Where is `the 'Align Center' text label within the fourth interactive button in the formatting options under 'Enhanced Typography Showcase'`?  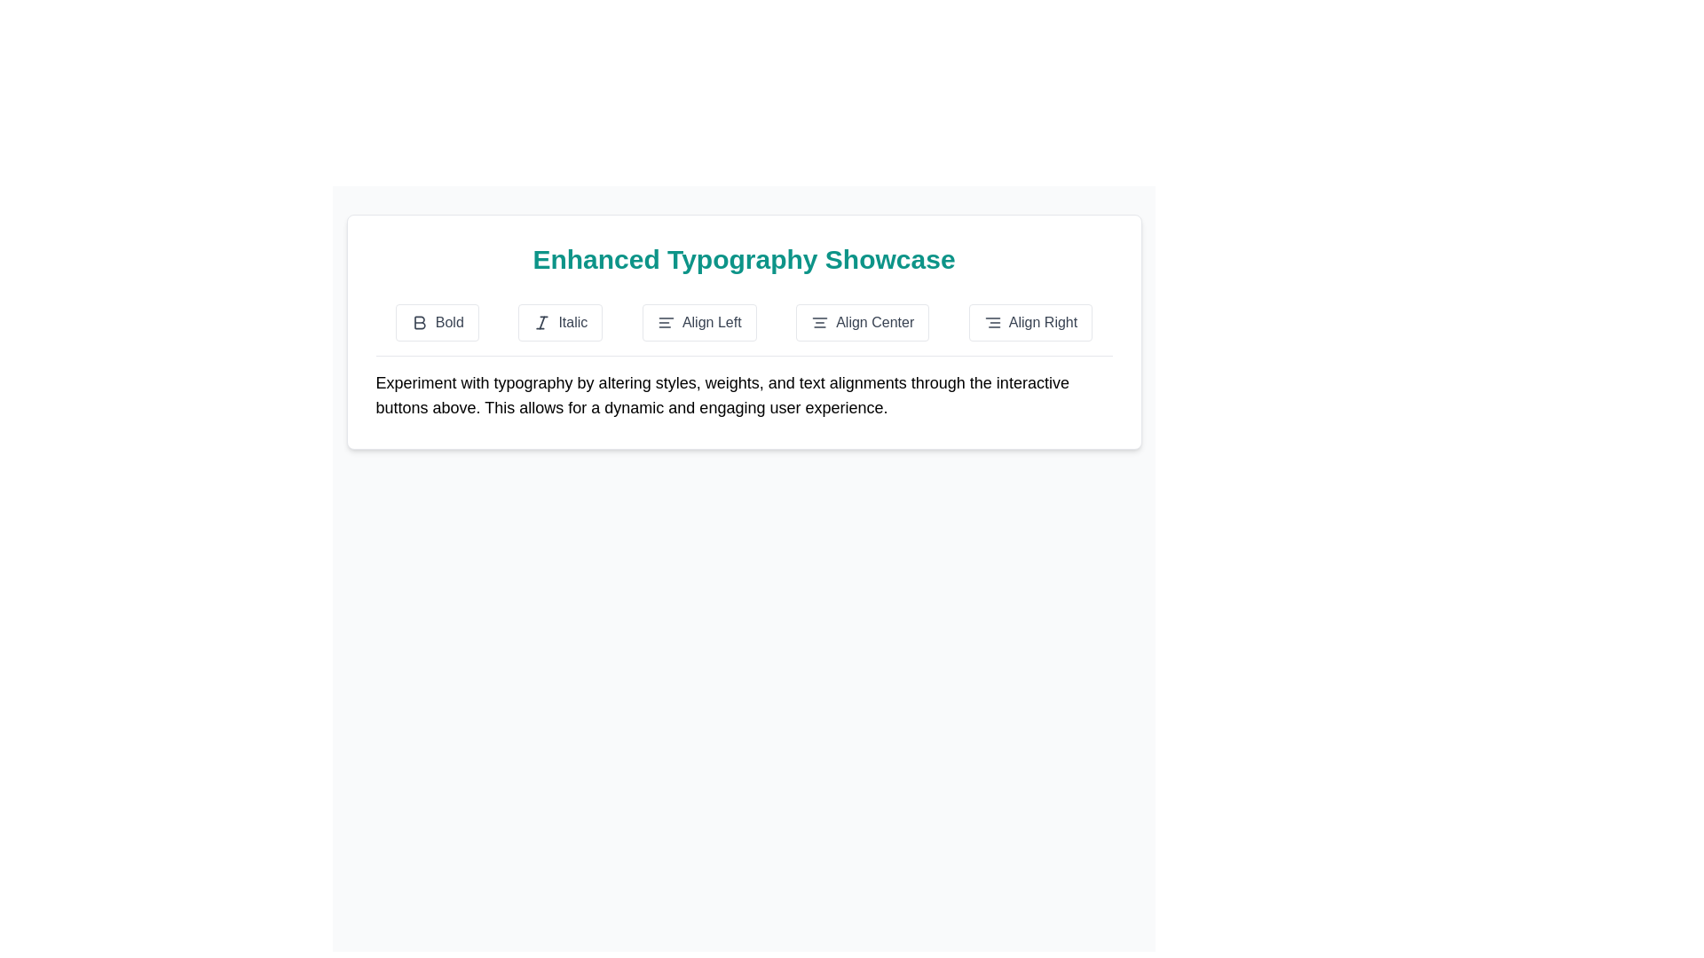 the 'Align Center' text label within the fourth interactive button in the formatting options under 'Enhanced Typography Showcase' is located at coordinates (875, 322).